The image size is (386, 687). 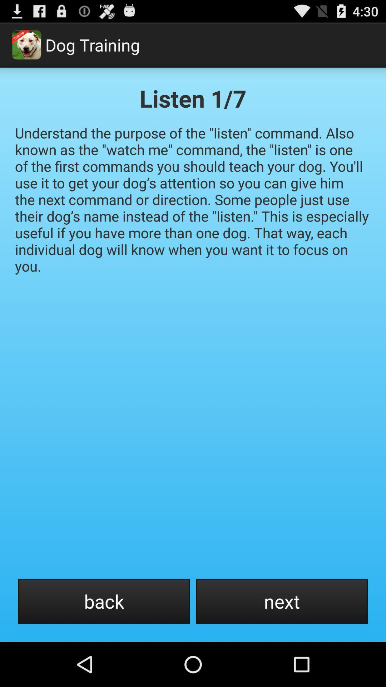 What do you see at coordinates (282, 601) in the screenshot?
I see `item at the bottom right corner` at bounding box center [282, 601].